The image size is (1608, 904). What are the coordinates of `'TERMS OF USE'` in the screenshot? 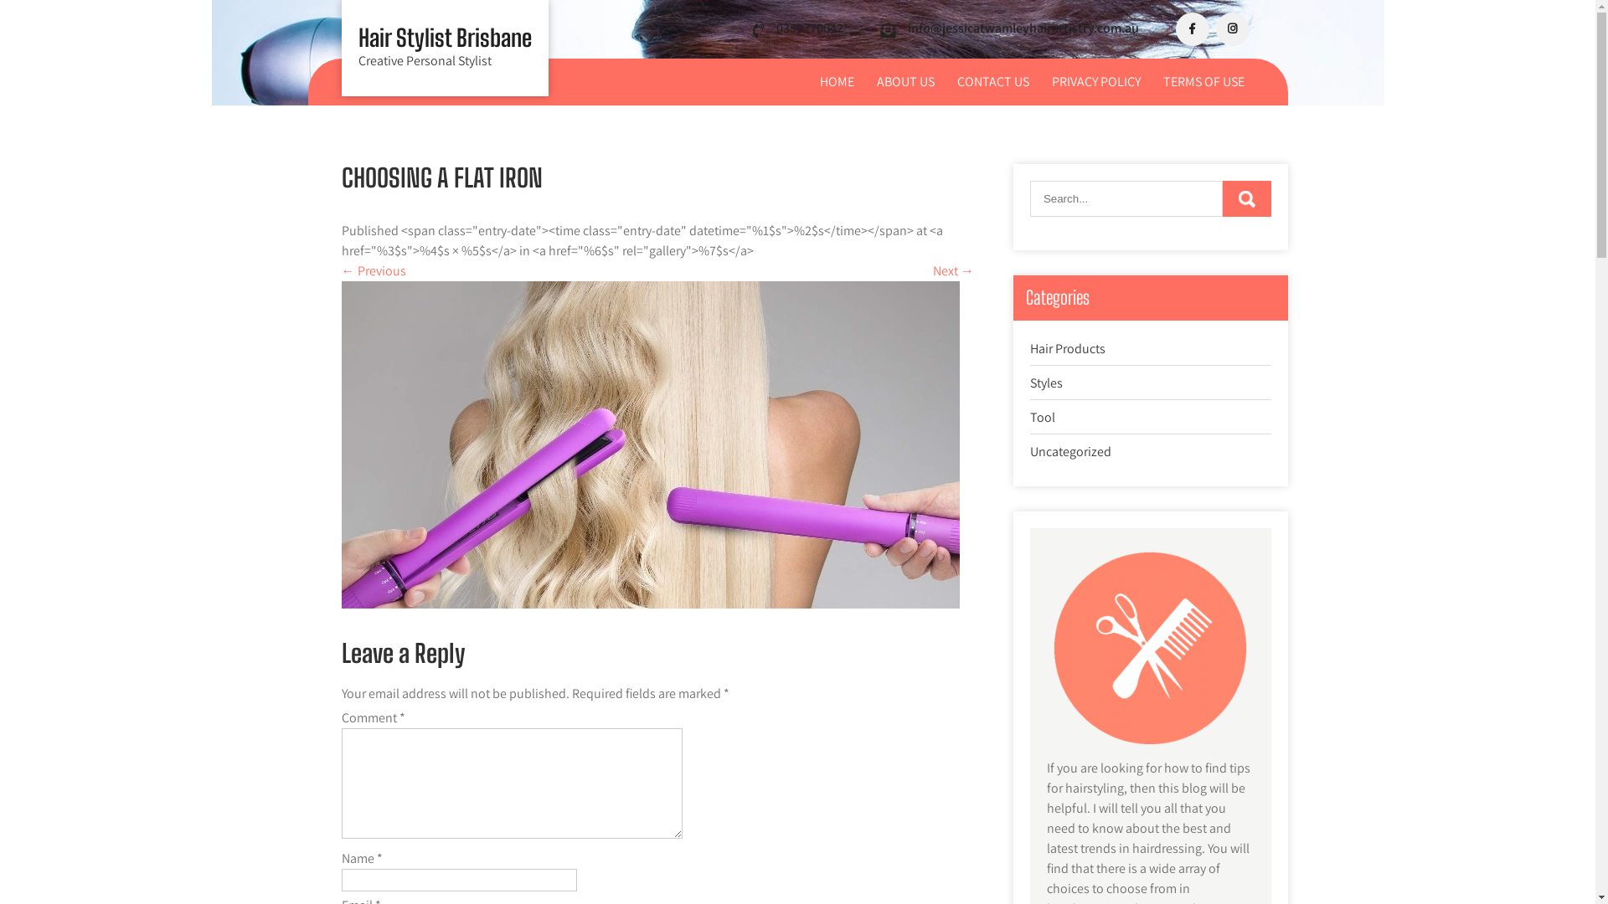 It's located at (1152, 81).